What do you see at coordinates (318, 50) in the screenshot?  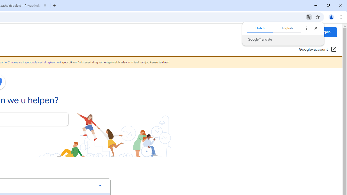 I see `'Google-account (Openen in een nieuw venster)'` at bounding box center [318, 50].